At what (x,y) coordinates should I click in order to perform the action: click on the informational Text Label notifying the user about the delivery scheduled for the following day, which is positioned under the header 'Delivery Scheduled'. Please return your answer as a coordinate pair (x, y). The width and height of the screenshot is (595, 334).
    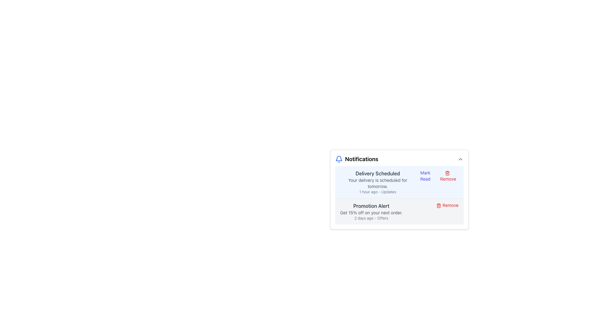
    Looking at the image, I should click on (377, 183).